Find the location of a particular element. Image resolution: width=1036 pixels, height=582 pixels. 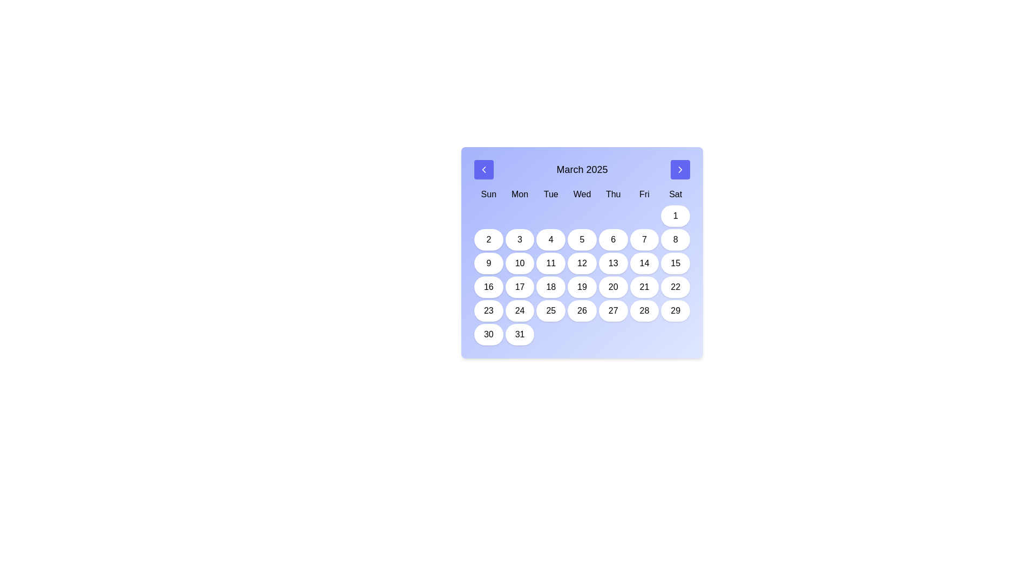

the text-based row header for the calendar displaying the names of the days of the week (e.g., 'Sun', 'Mon', 'Tue', etc.) which is centrally located below the title 'March 2025' is located at coordinates (582, 195).